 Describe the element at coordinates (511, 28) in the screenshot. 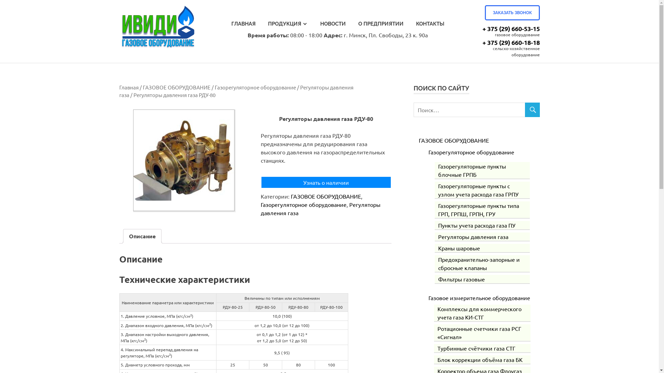

I see `'+ 375 (29) 660-53-15'` at that location.